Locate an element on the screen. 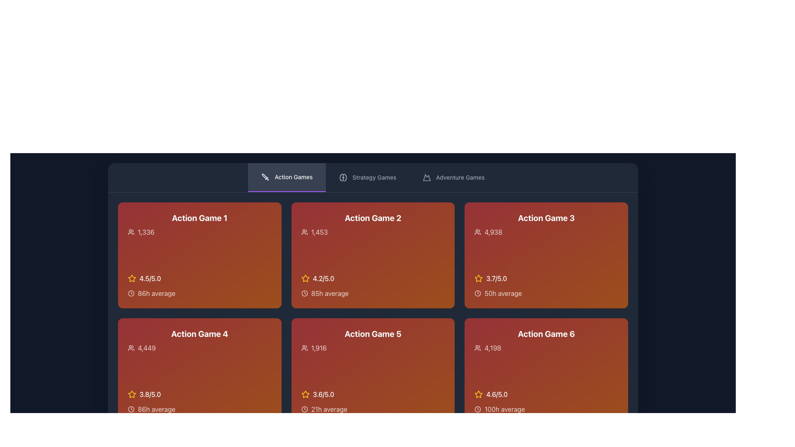 The height and width of the screenshot is (447, 795). the Text block displaying 'Action Game 3' in bold white text on a reddish orange background, located in the upper right position of the top row of a 3x2 grid of cards is located at coordinates (546, 225).